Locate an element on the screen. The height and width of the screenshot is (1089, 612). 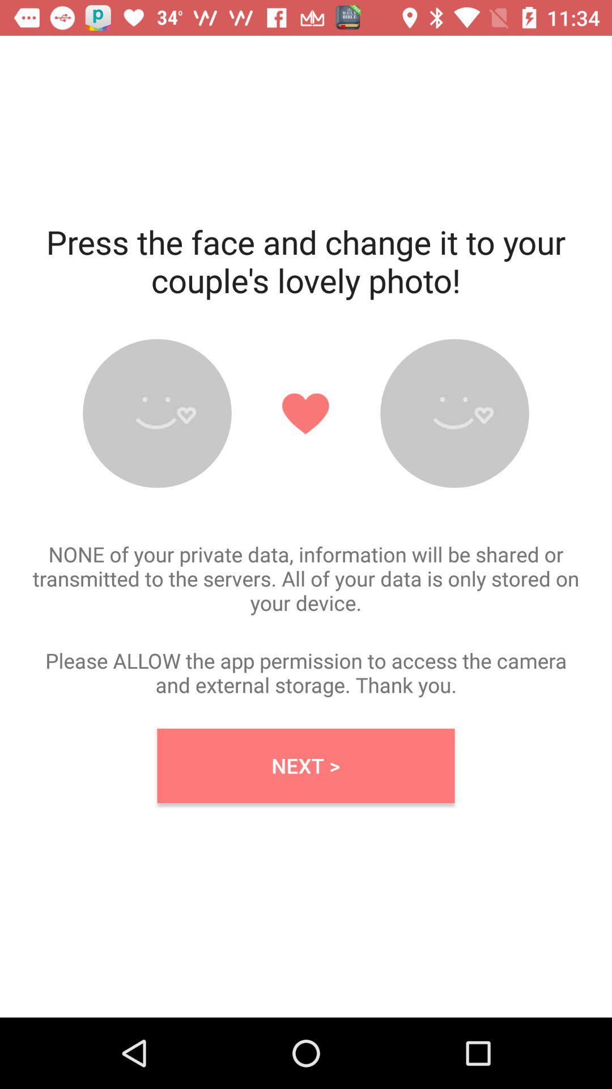
photo is located at coordinates (157, 413).